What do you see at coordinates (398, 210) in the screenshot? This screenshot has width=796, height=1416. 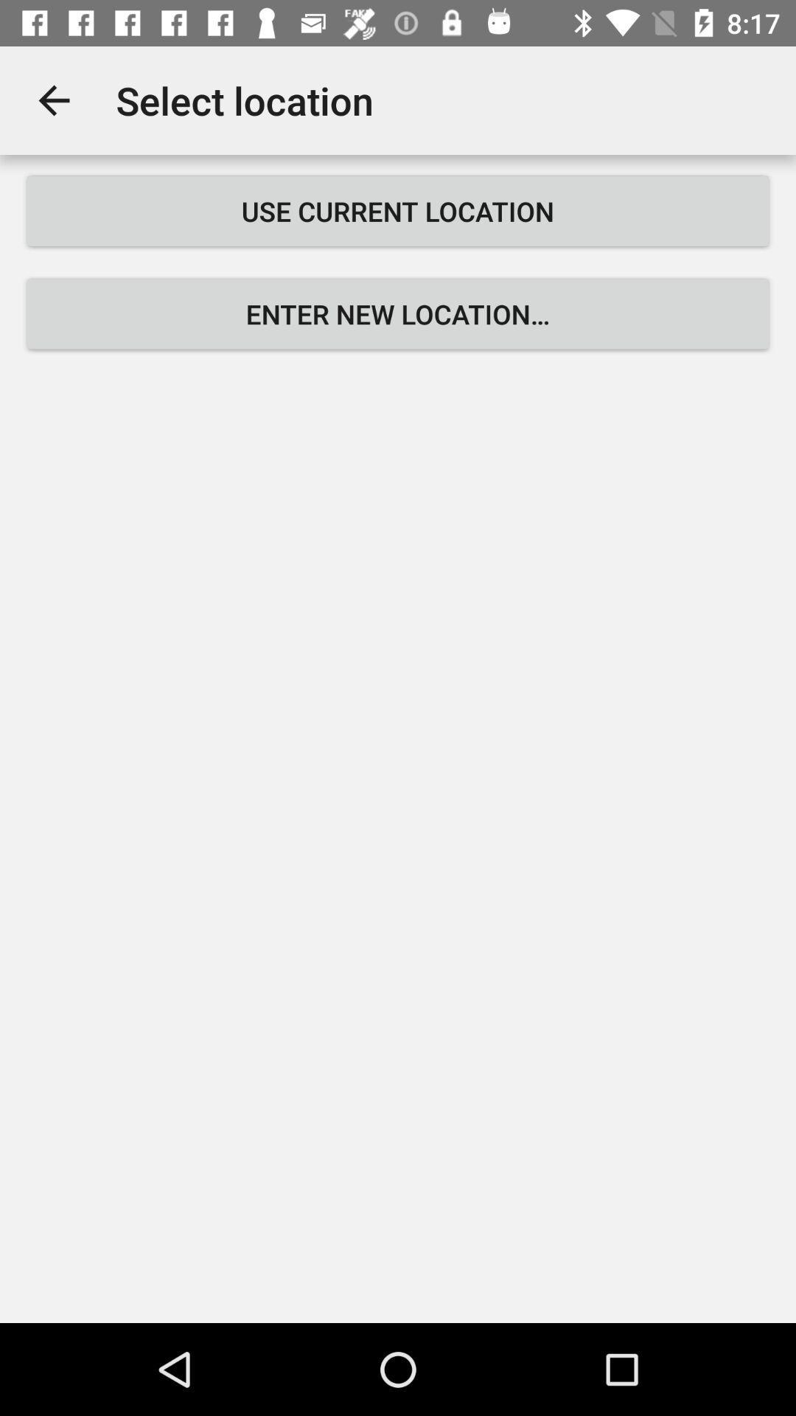 I see `the use current location icon` at bounding box center [398, 210].